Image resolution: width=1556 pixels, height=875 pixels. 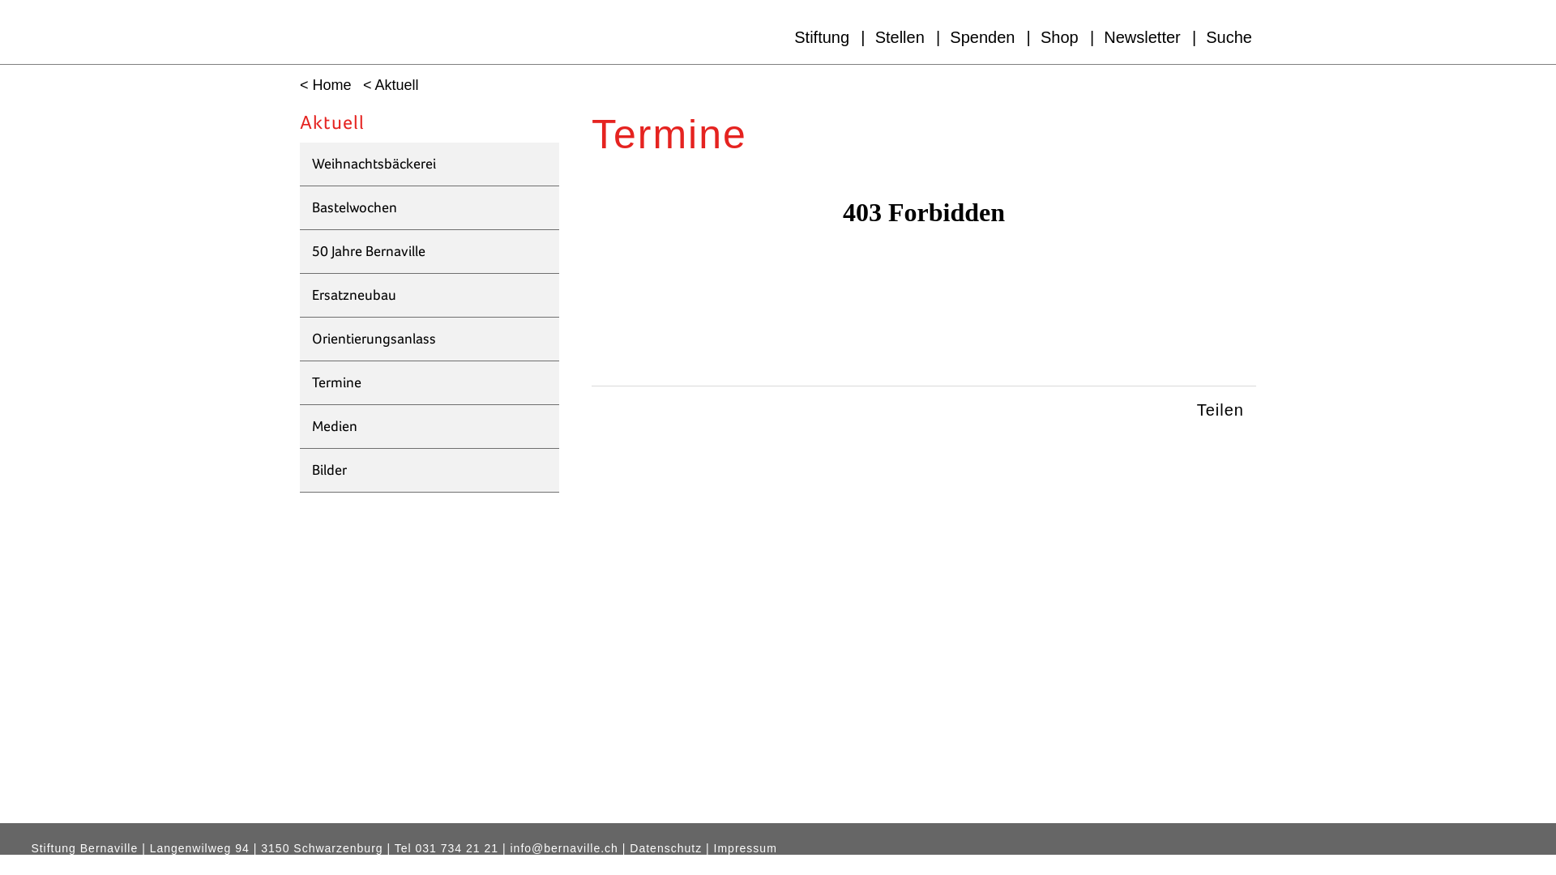 I want to click on 'Bilder', so click(x=429, y=471).